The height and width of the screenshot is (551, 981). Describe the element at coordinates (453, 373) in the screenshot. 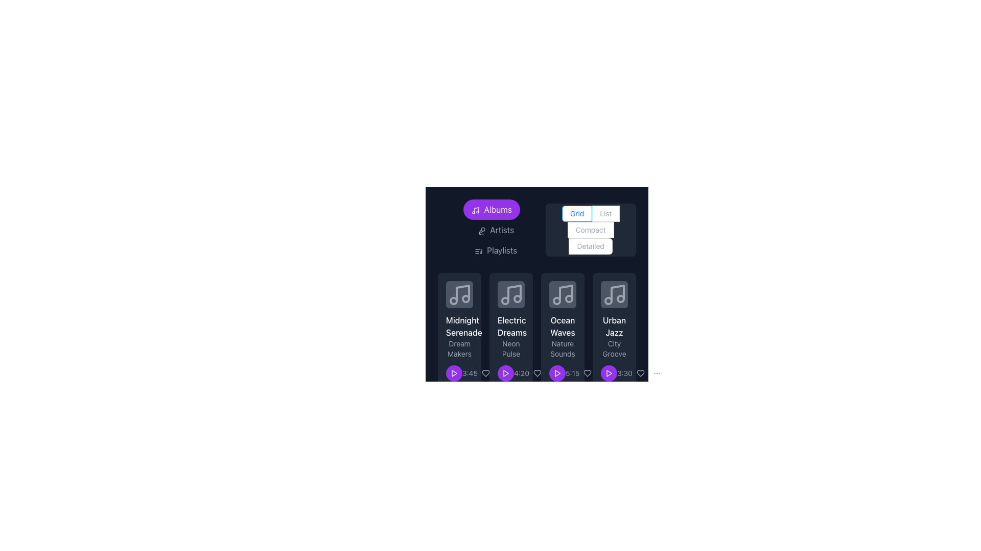

I see `the vibrant purple circular button with a play icon to play media` at that location.